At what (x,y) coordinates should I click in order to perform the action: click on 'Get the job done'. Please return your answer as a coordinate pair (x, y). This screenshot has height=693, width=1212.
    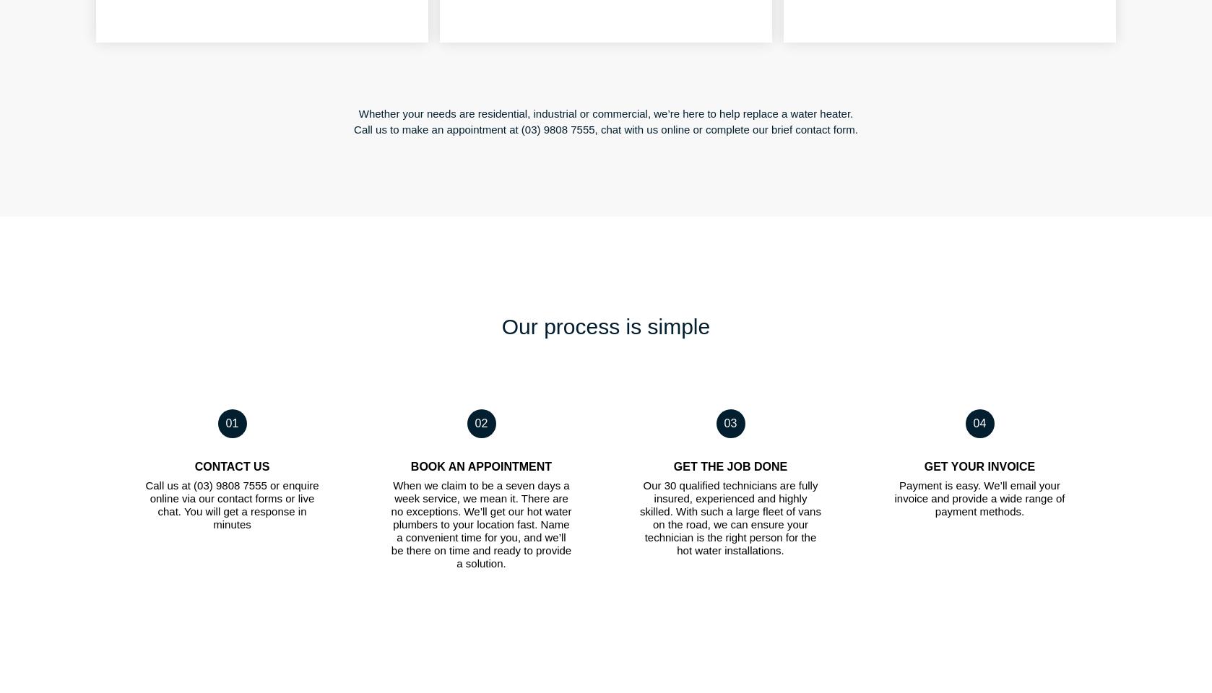
    Looking at the image, I should click on (730, 465).